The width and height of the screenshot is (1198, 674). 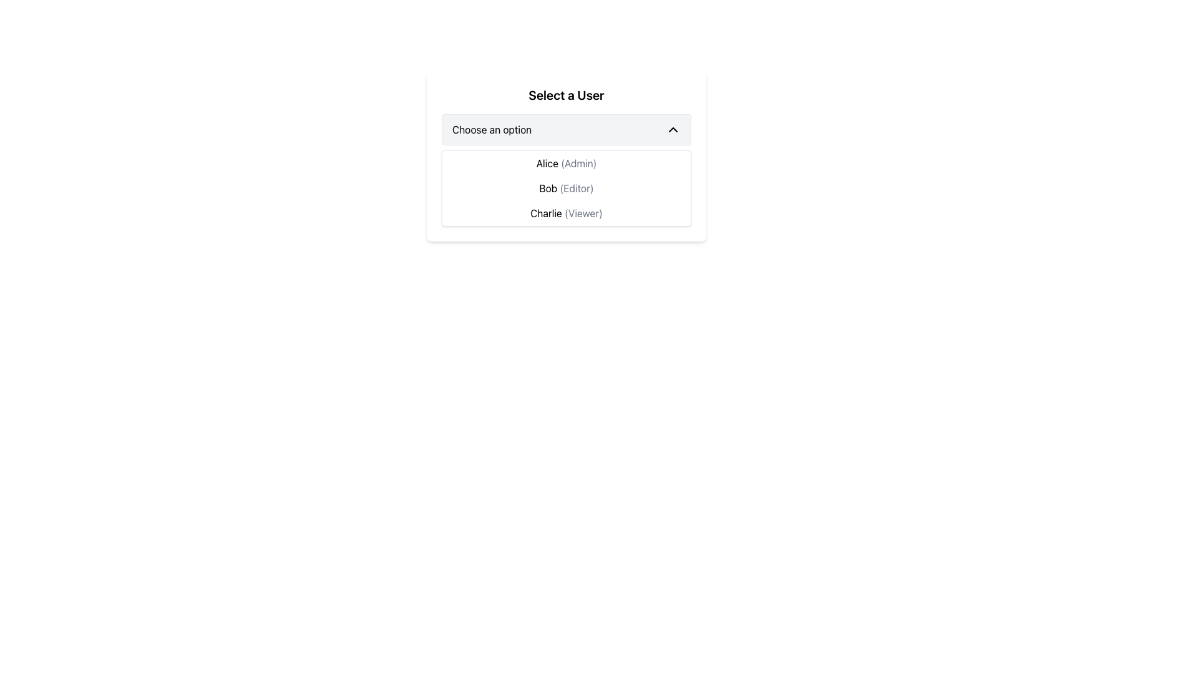 What do you see at coordinates (578, 163) in the screenshot?
I see `the text label indicating 'Admin' for the user 'Alice' in the dropdown menu under 'Select a User'` at bounding box center [578, 163].